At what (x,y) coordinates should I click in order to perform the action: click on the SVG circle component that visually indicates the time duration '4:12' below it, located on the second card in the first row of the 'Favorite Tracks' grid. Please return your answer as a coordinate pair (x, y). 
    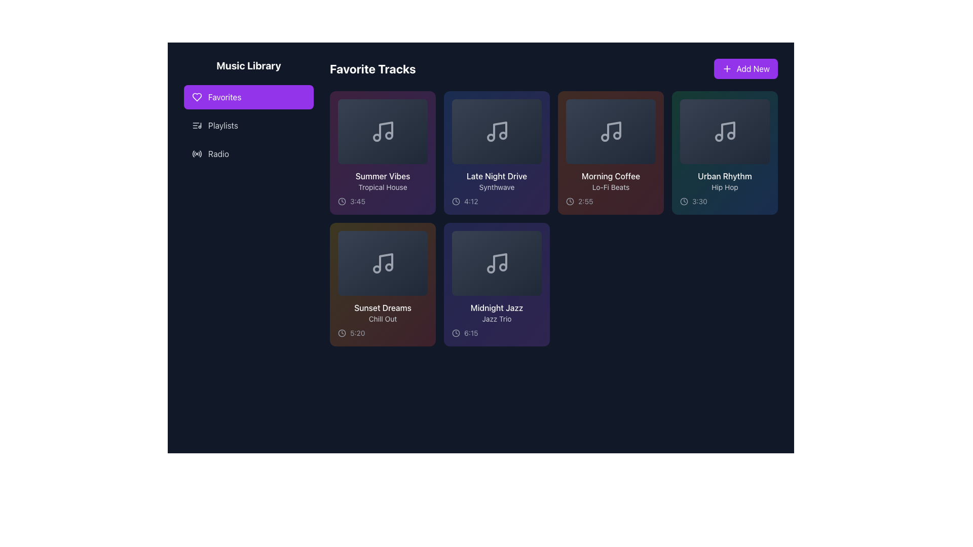
    Looking at the image, I should click on (456, 201).